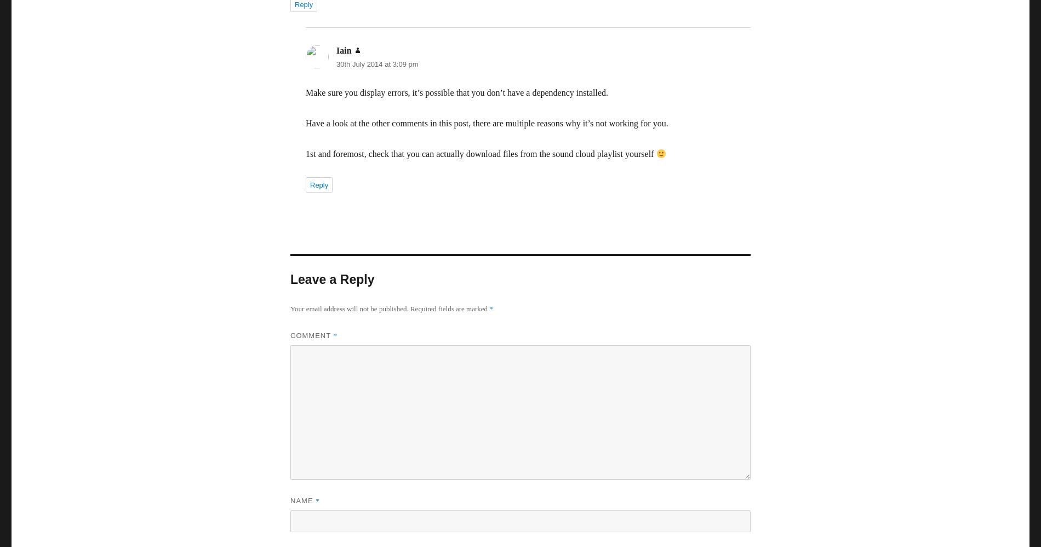 The height and width of the screenshot is (547, 1041). I want to click on 'Required fields are marked', so click(409, 308).